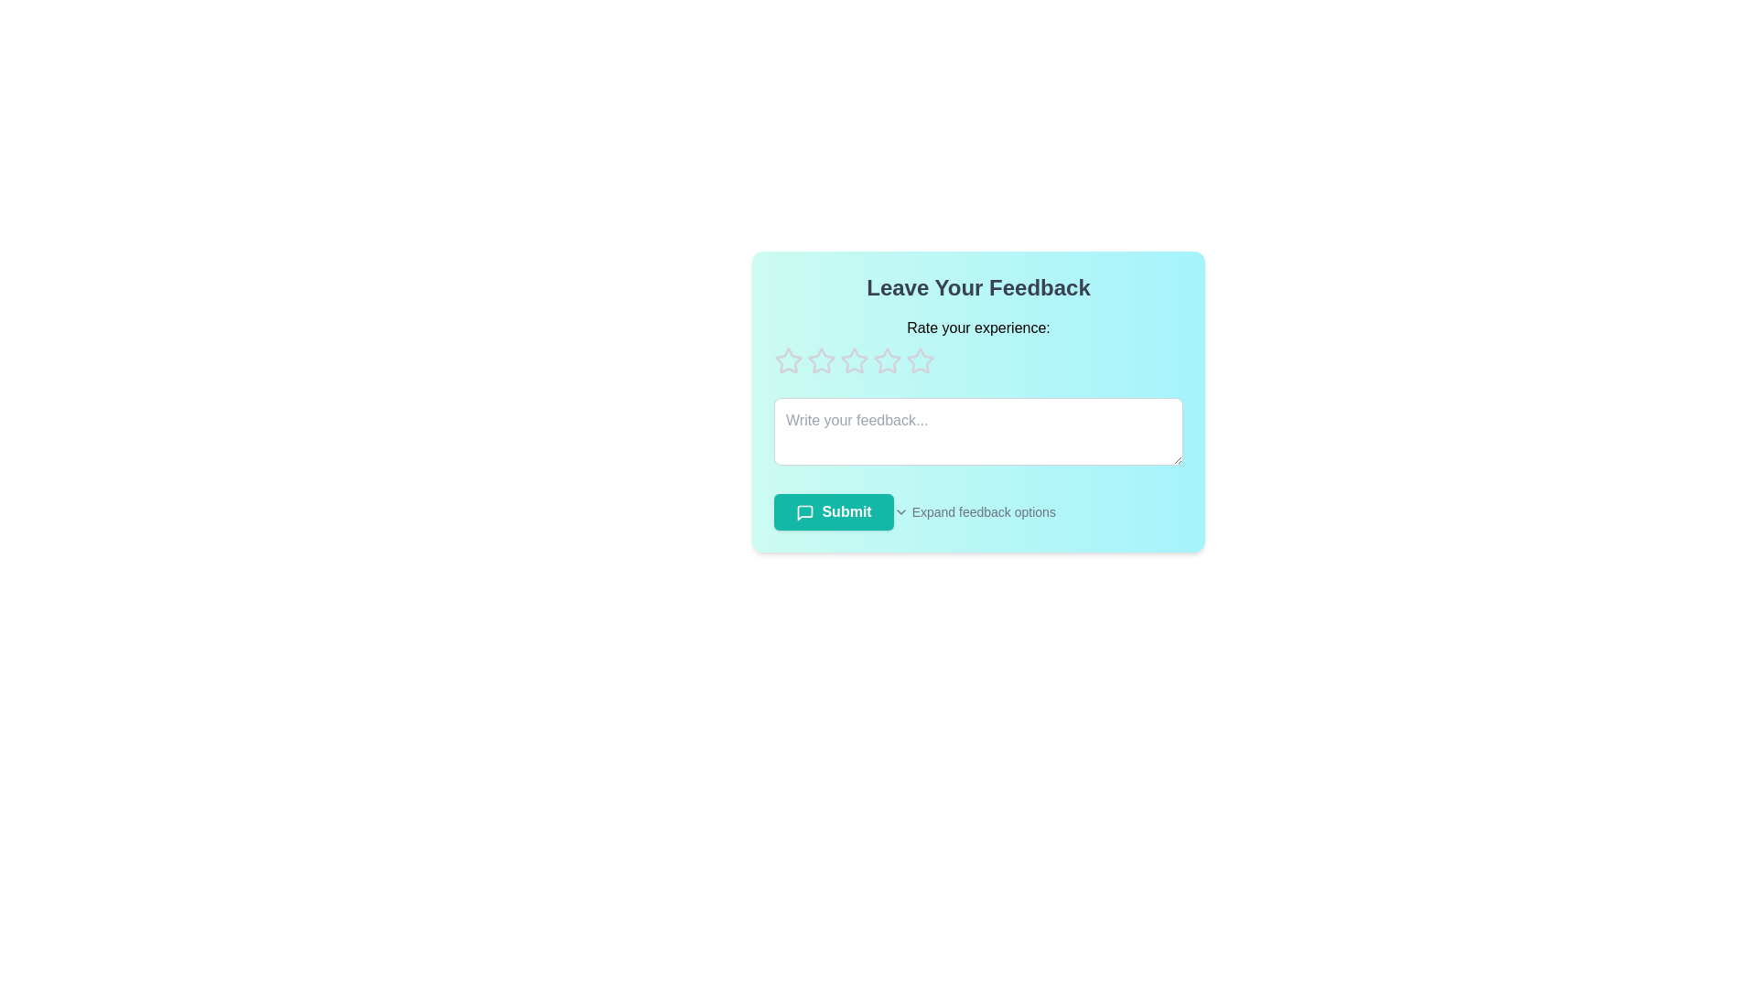 This screenshot has height=988, width=1757. I want to click on the second star in the row of five stars in the feedback form to provide a rating, so click(887, 360).